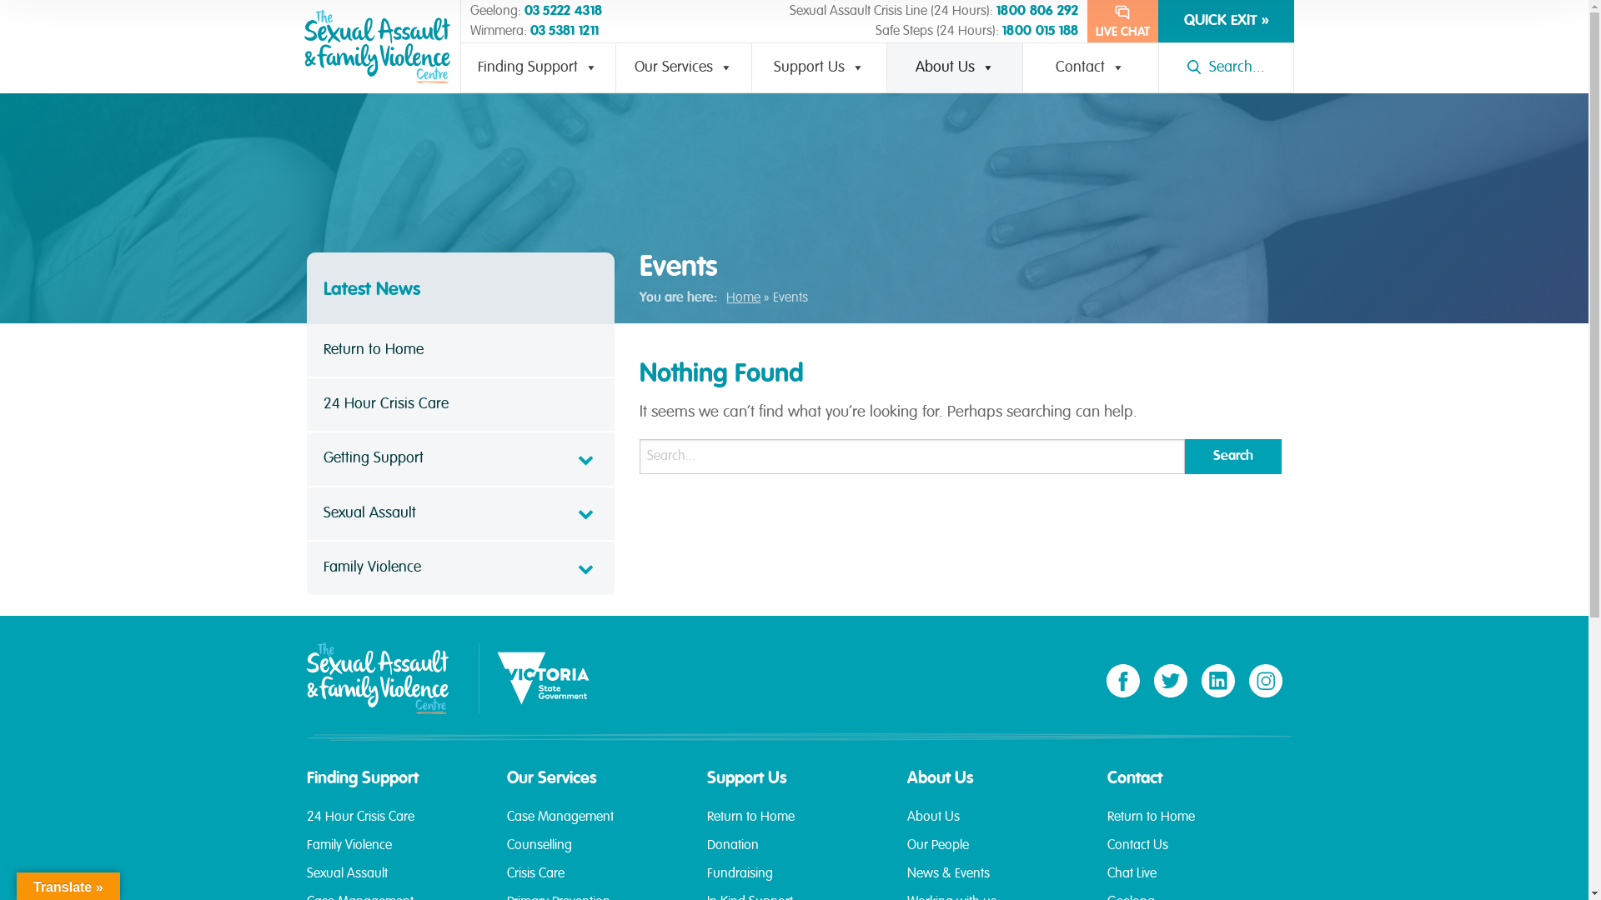 The width and height of the screenshot is (1601, 900). What do you see at coordinates (460, 567) in the screenshot?
I see `'Family Violence'` at bounding box center [460, 567].